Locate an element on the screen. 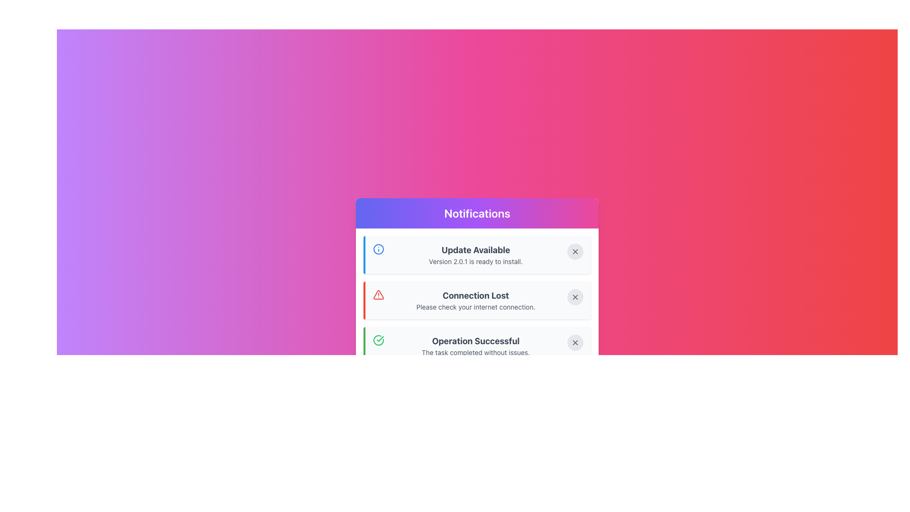 This screenshot has width=910, height=512. text from the notification component that informs the user about a connection issue, prompting them to check their internet connection is located at coordinates (475, 300).